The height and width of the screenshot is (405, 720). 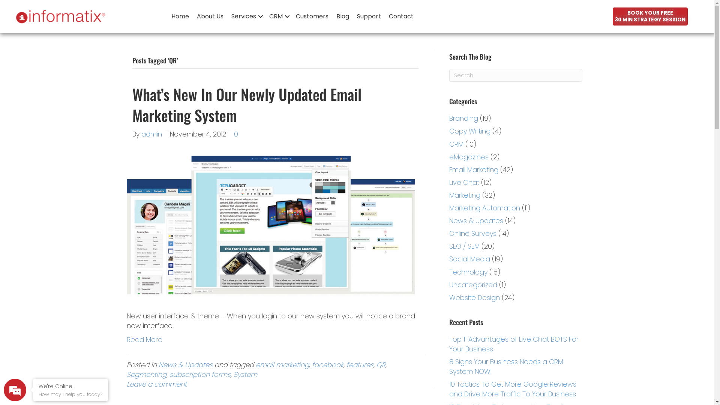 I want to click on 'admin', so click(x=141, y=133).